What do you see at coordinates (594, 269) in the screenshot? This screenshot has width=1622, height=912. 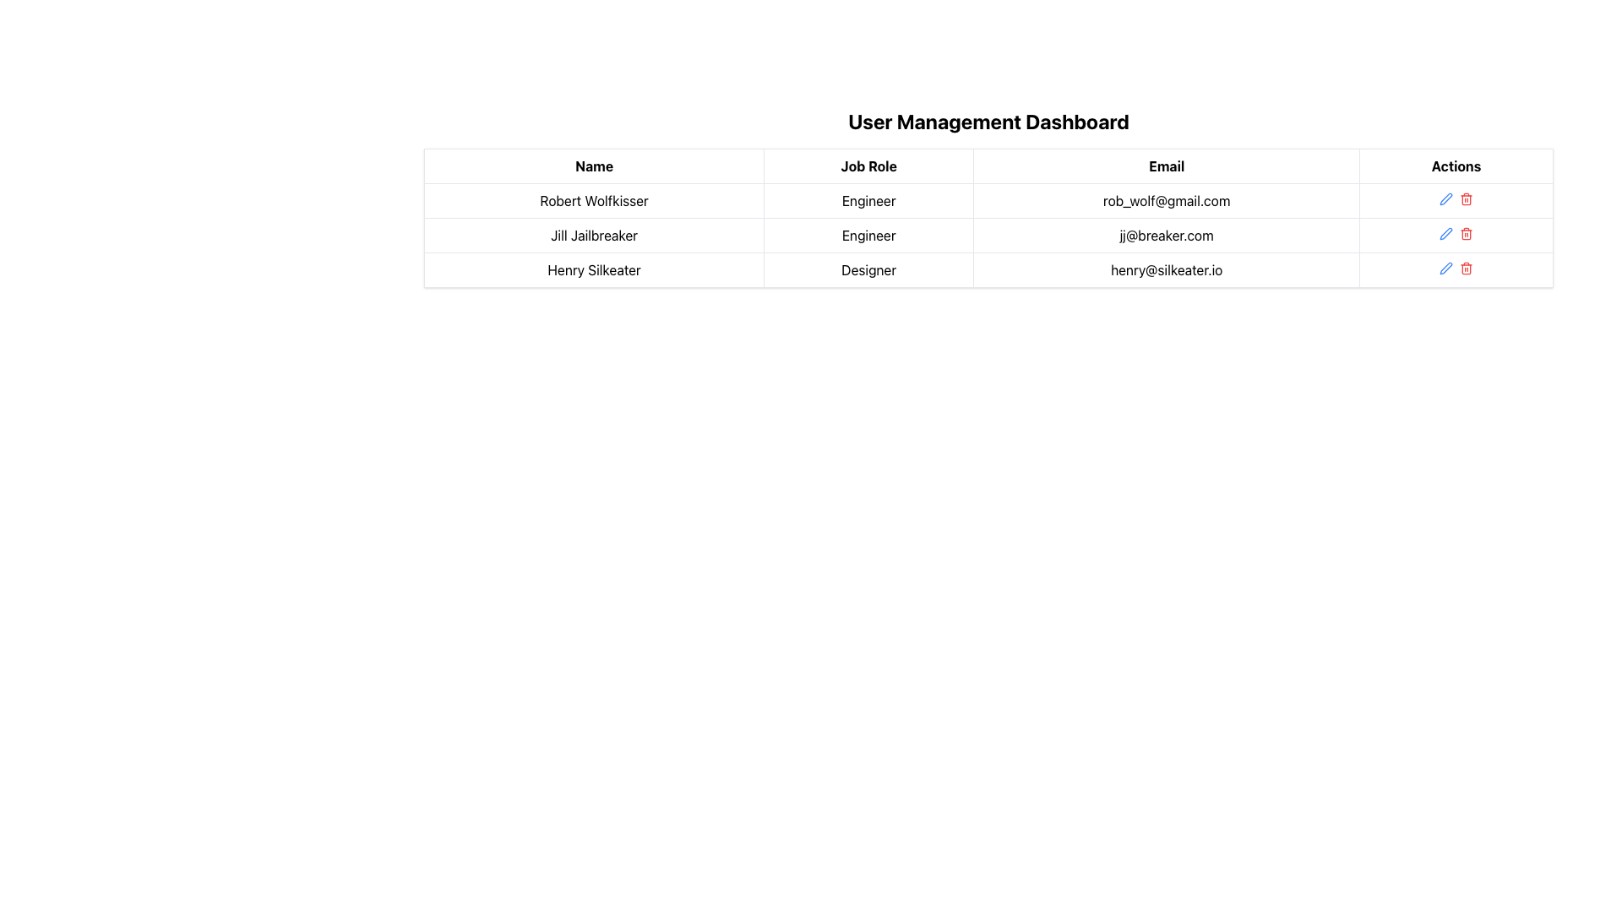 I see `the Static Text Label displaying the associated user's name in the 'Name' column of the table, located in the third row adjacent to 'Designer' and 'henry@silkeater.io'` at bounding box center [594, 269].